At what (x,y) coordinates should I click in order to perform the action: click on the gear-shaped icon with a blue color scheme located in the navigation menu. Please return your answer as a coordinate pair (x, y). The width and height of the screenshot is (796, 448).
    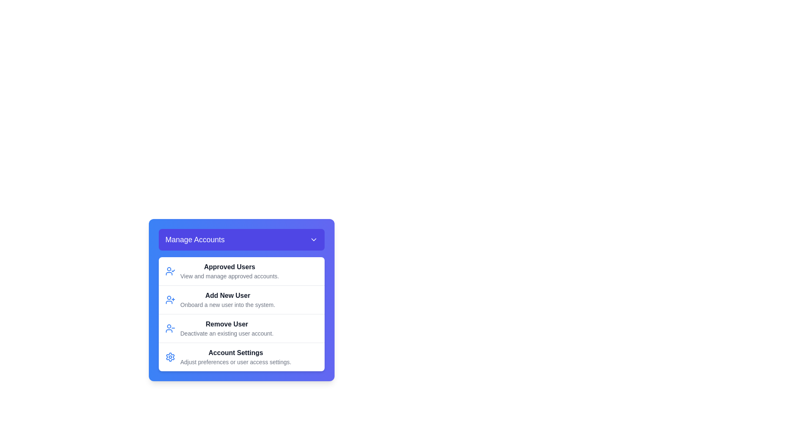
    Looking at the image, I should click on (170, 356).